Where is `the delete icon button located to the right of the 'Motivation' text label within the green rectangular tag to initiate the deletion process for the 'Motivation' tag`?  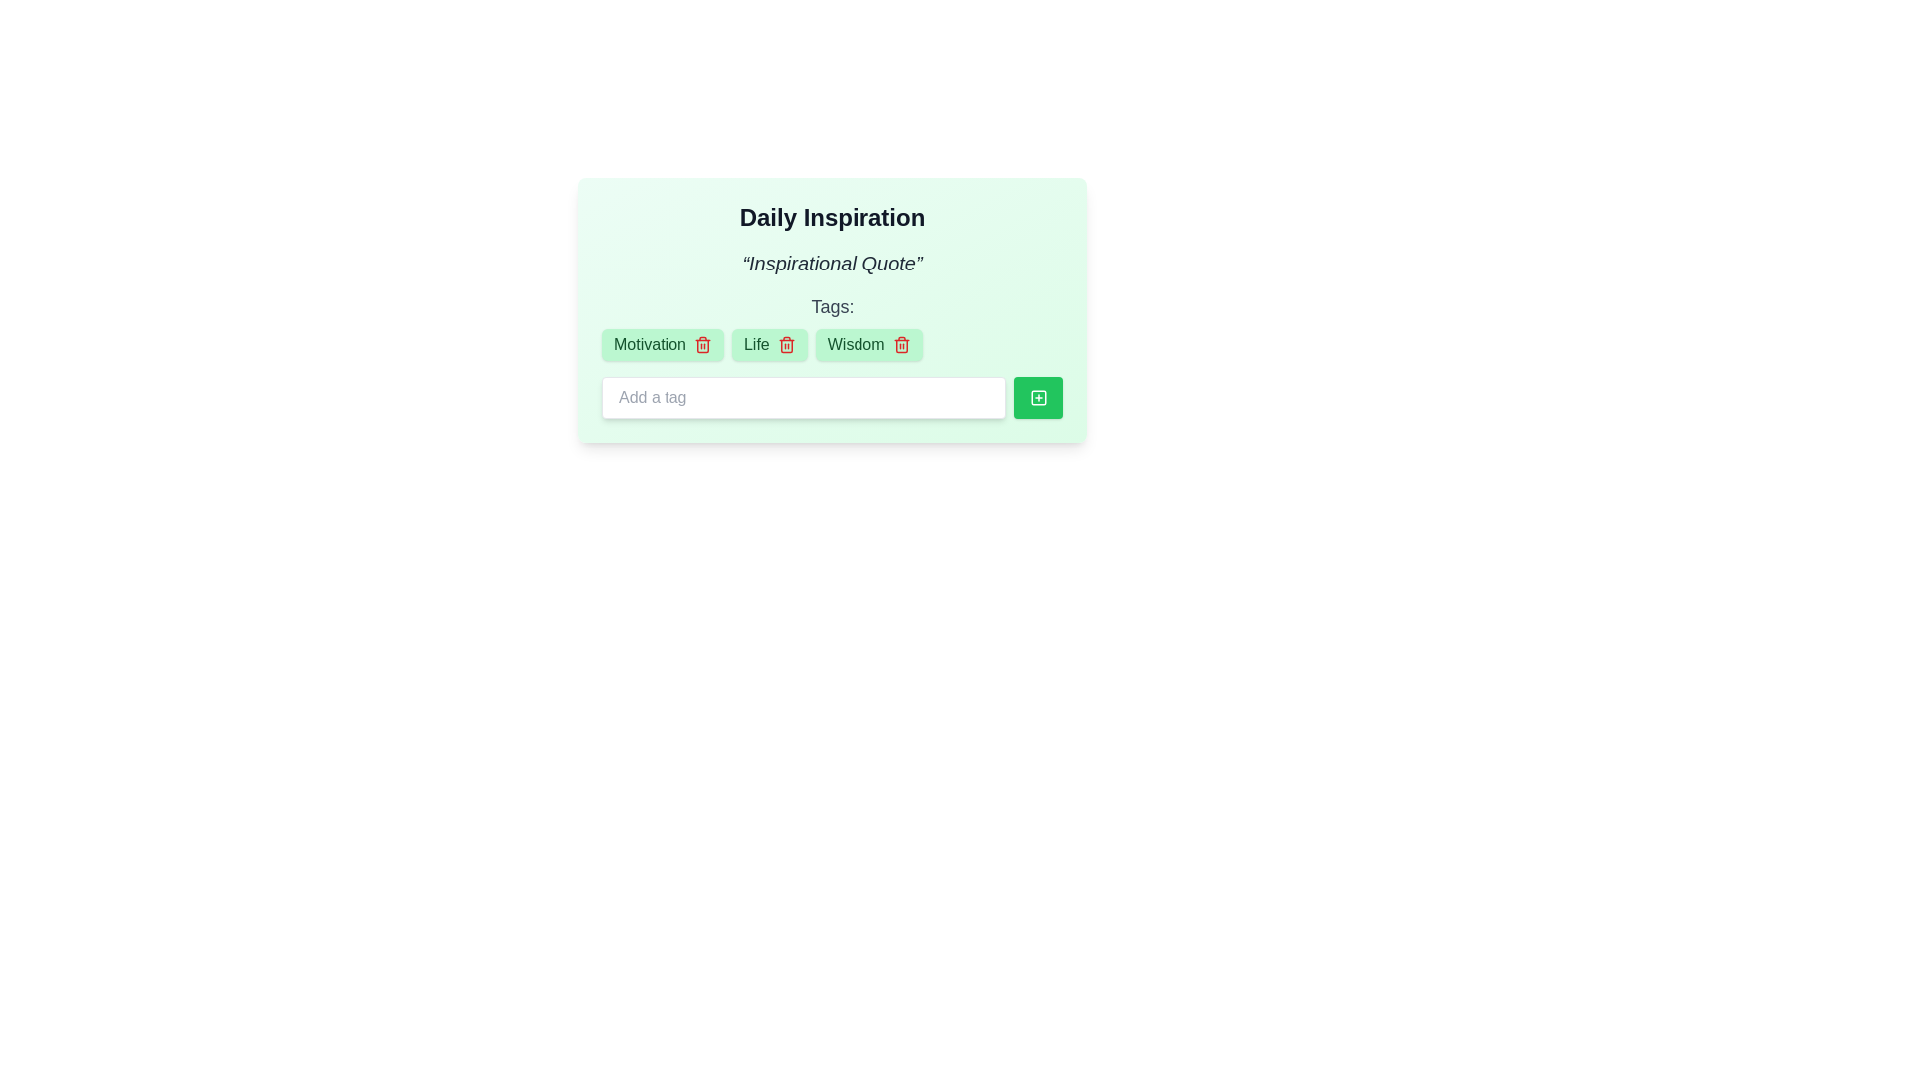
the delete icon button located to the right of the 'Motivation' text label within the green rectangular tag to initiate the deletion process for the 'Motivation' tag is located at coordinates (702, 344).